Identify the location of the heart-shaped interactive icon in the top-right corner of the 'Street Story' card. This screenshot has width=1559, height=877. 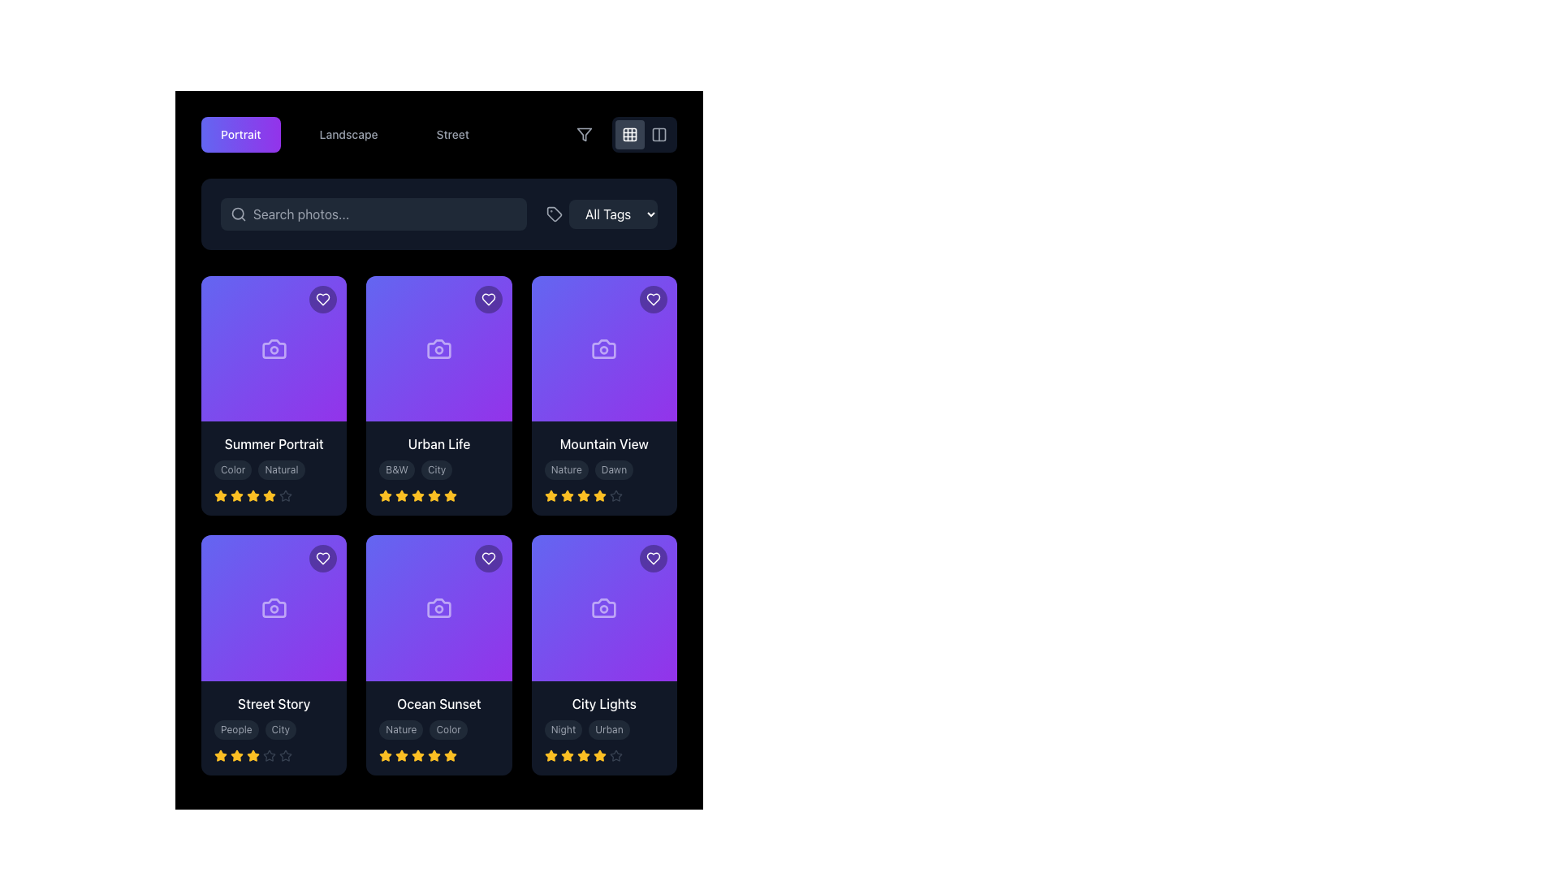
(323, 558).